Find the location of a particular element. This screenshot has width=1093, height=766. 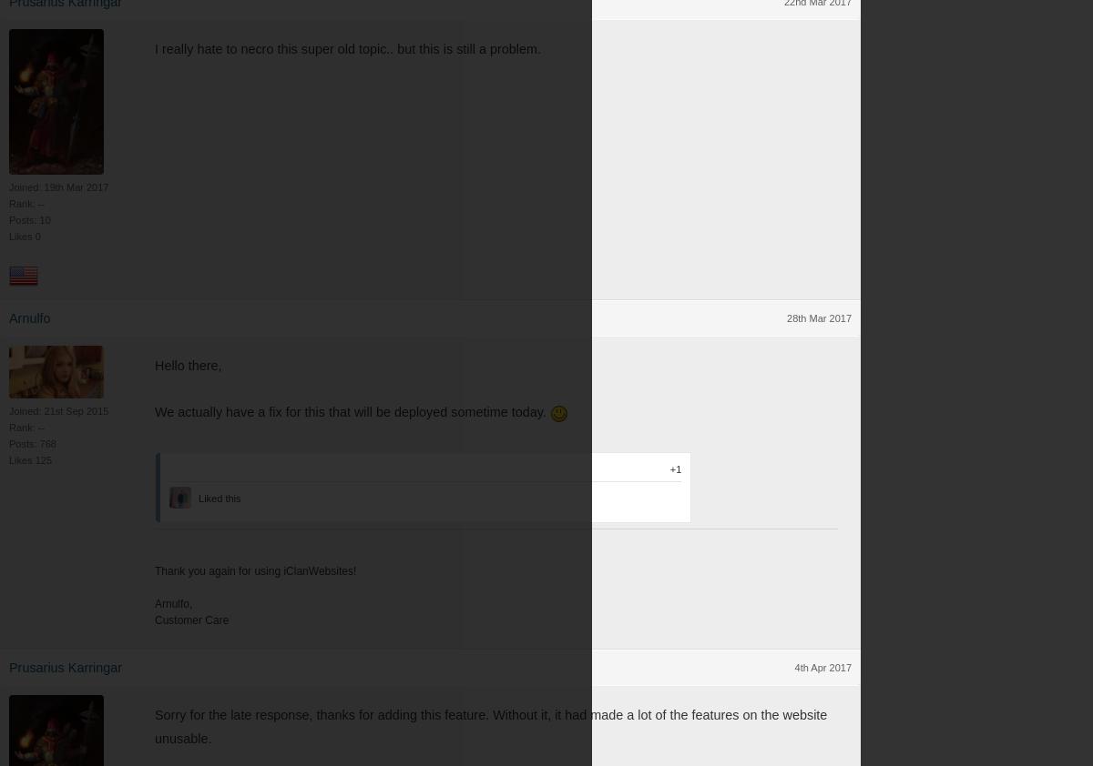

'Prusarius Karringar' is located at coordinates (65, 667).